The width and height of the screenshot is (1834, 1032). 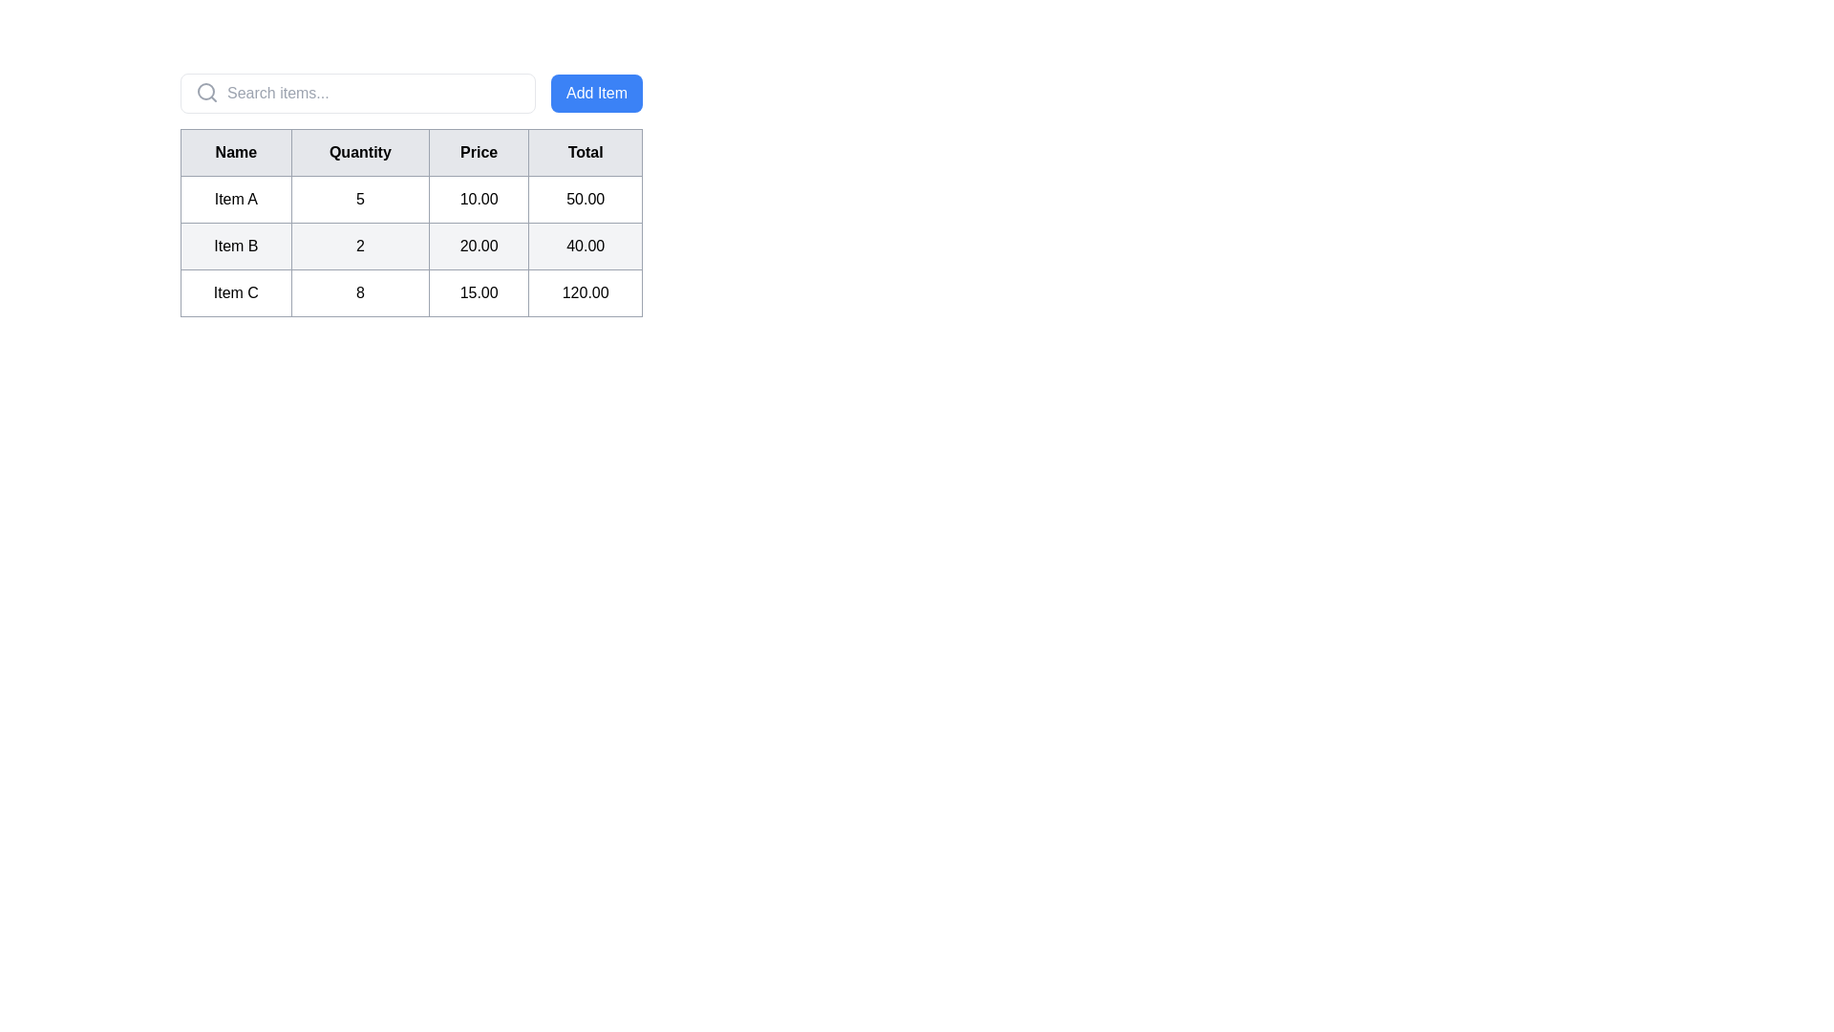 What do you see at coordinates (234, 246) in the screenshot?
I see `the Text cell in the first column of the second row under the 'Name' header to interact with the descriptive label for the item` at bounding box center [234, 246].